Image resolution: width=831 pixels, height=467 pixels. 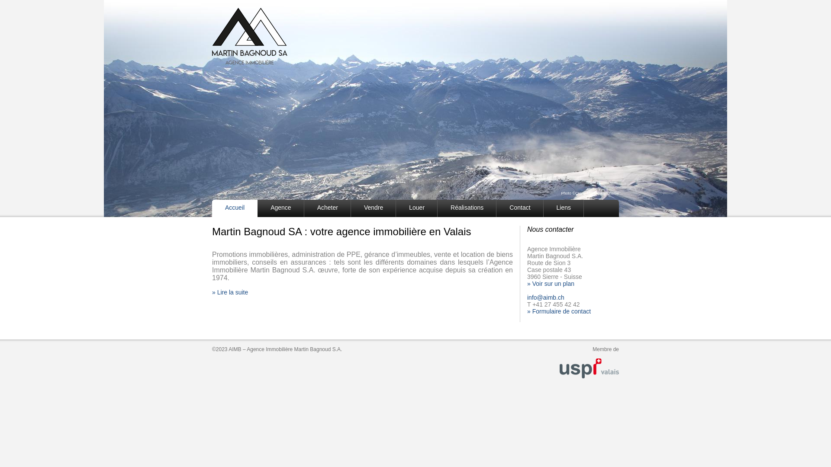 I want to click on 'Agence', so click(x=280, y=208).